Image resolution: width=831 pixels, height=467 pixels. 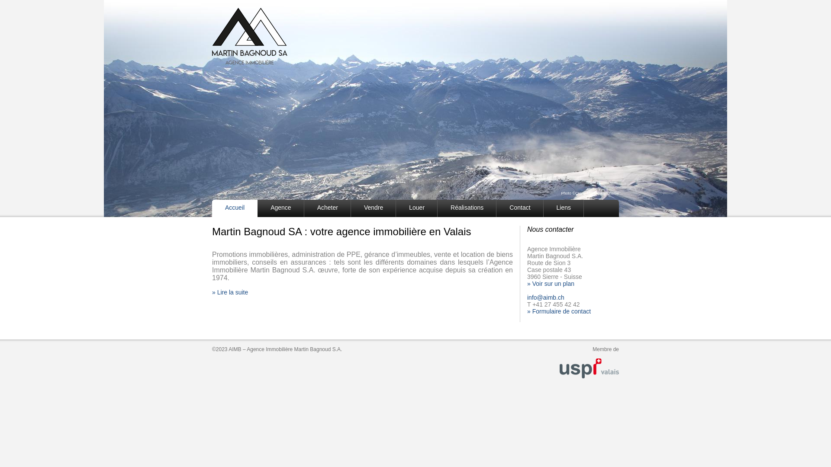 I want to click on 'Agence', so click(x=280, y=208).